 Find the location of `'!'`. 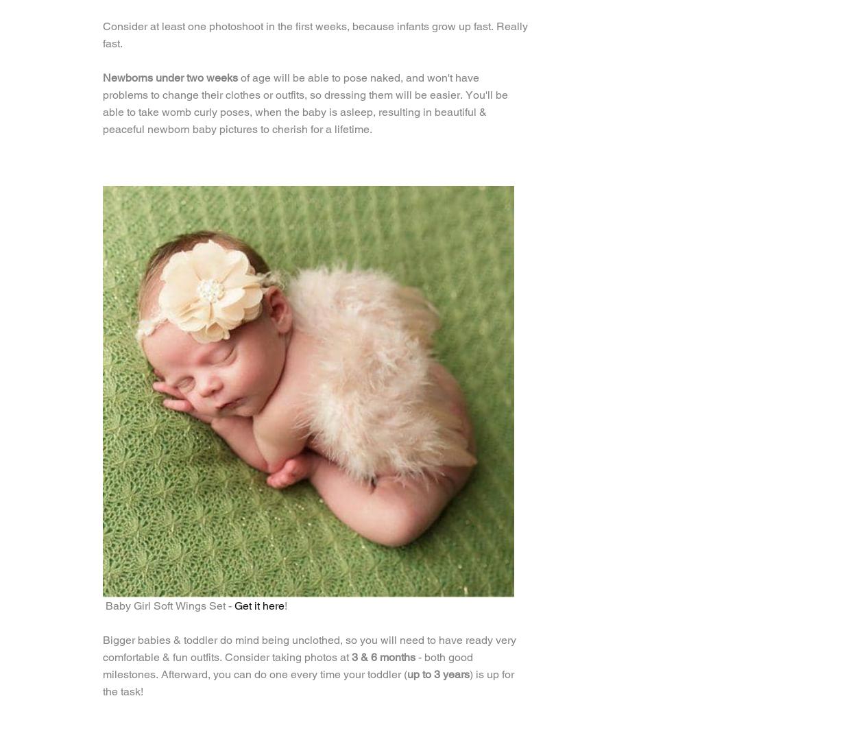

'!' is located at coordinates (286, 606).